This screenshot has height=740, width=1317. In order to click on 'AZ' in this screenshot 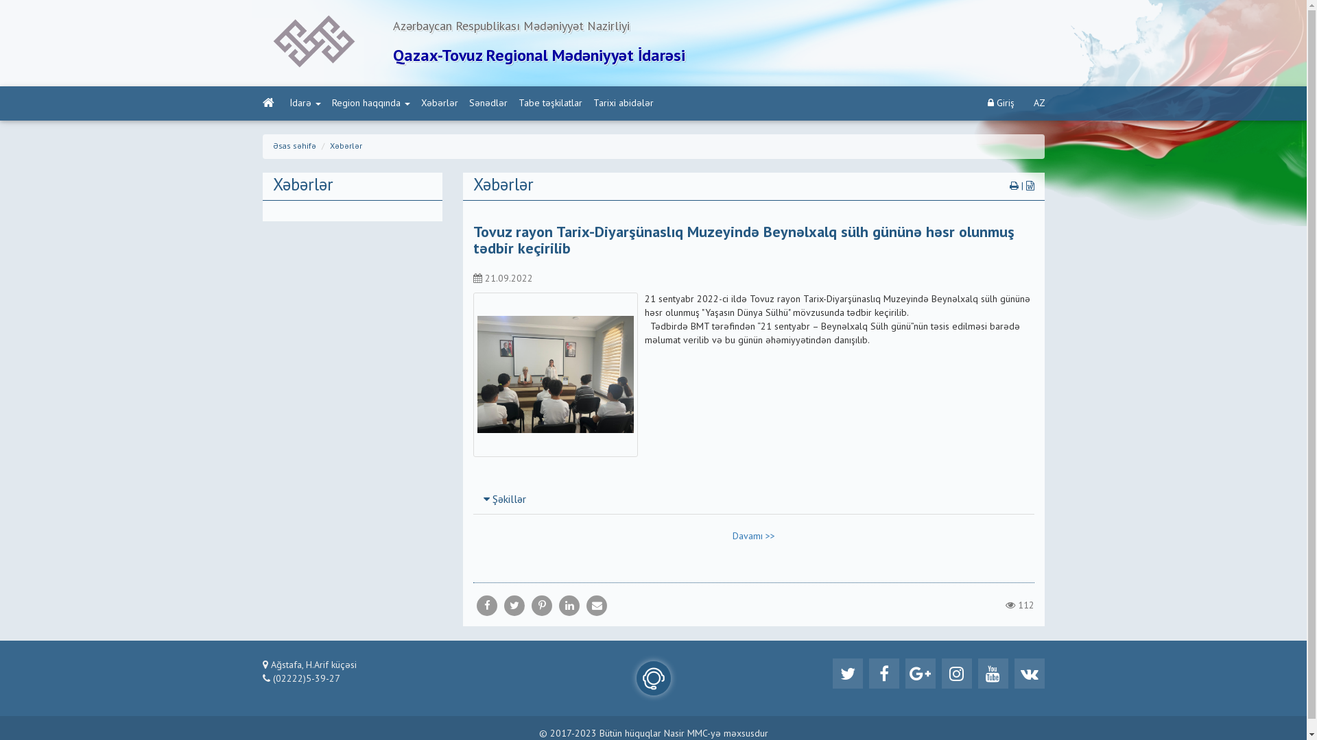, I will do `click(1039, 102)`.